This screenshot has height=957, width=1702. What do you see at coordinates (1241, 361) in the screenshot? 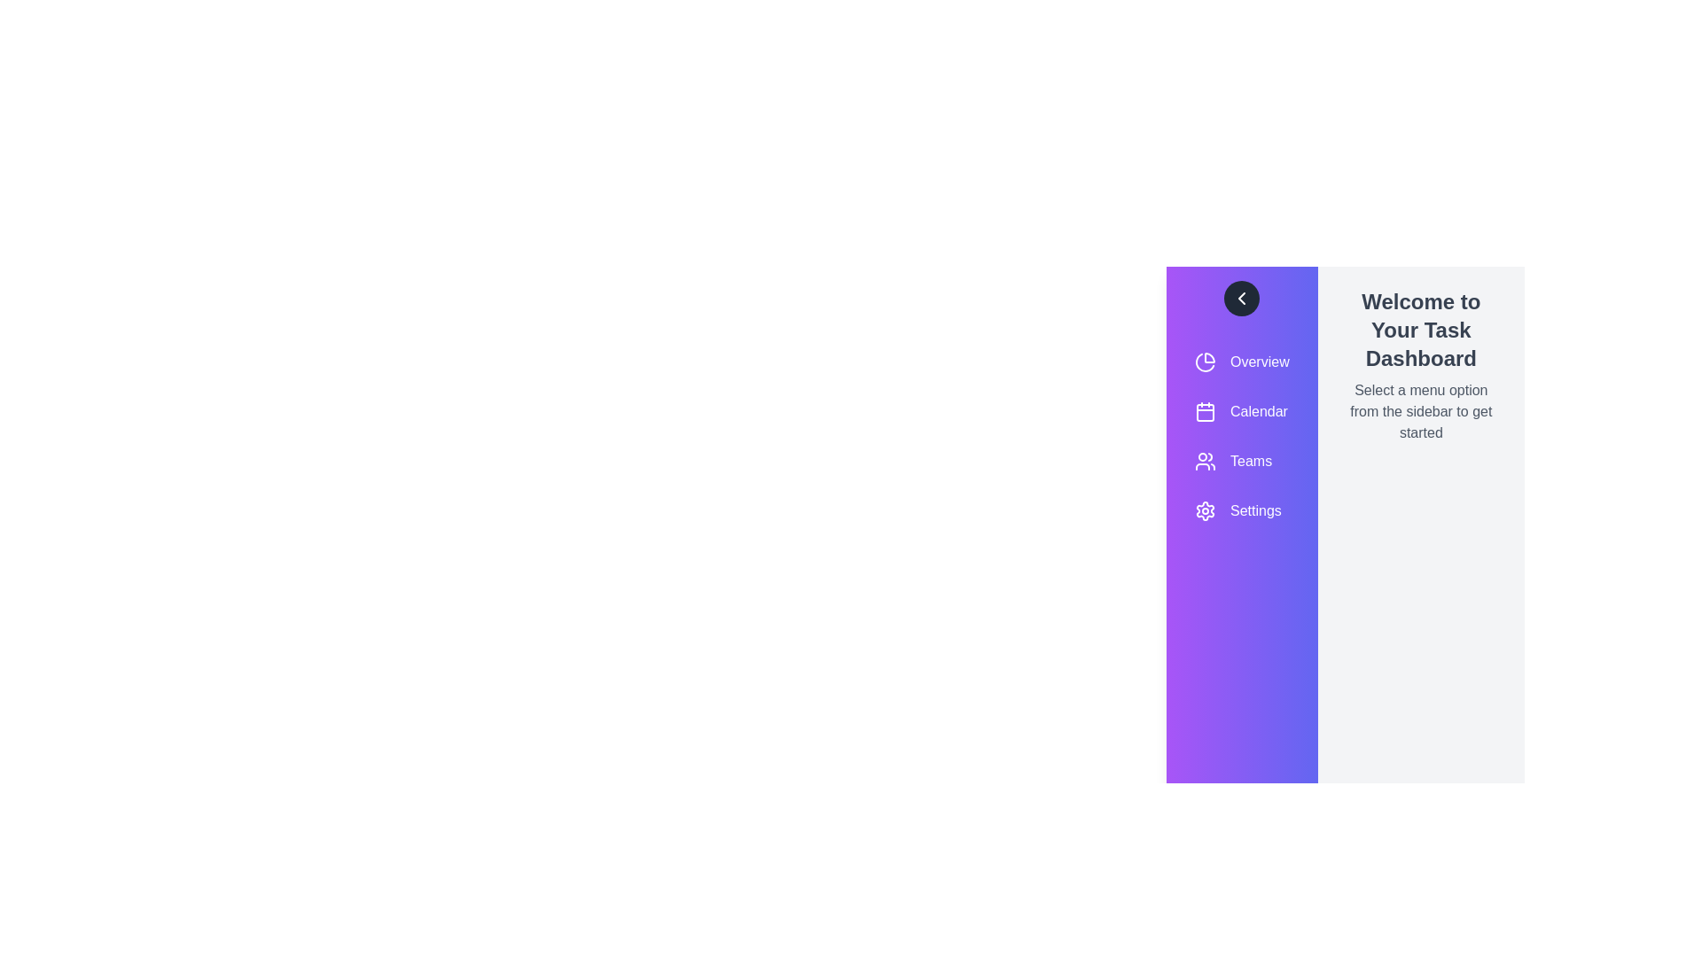
I see `the menu item Overview from the sidebar` at bounding box center [1241, 361].